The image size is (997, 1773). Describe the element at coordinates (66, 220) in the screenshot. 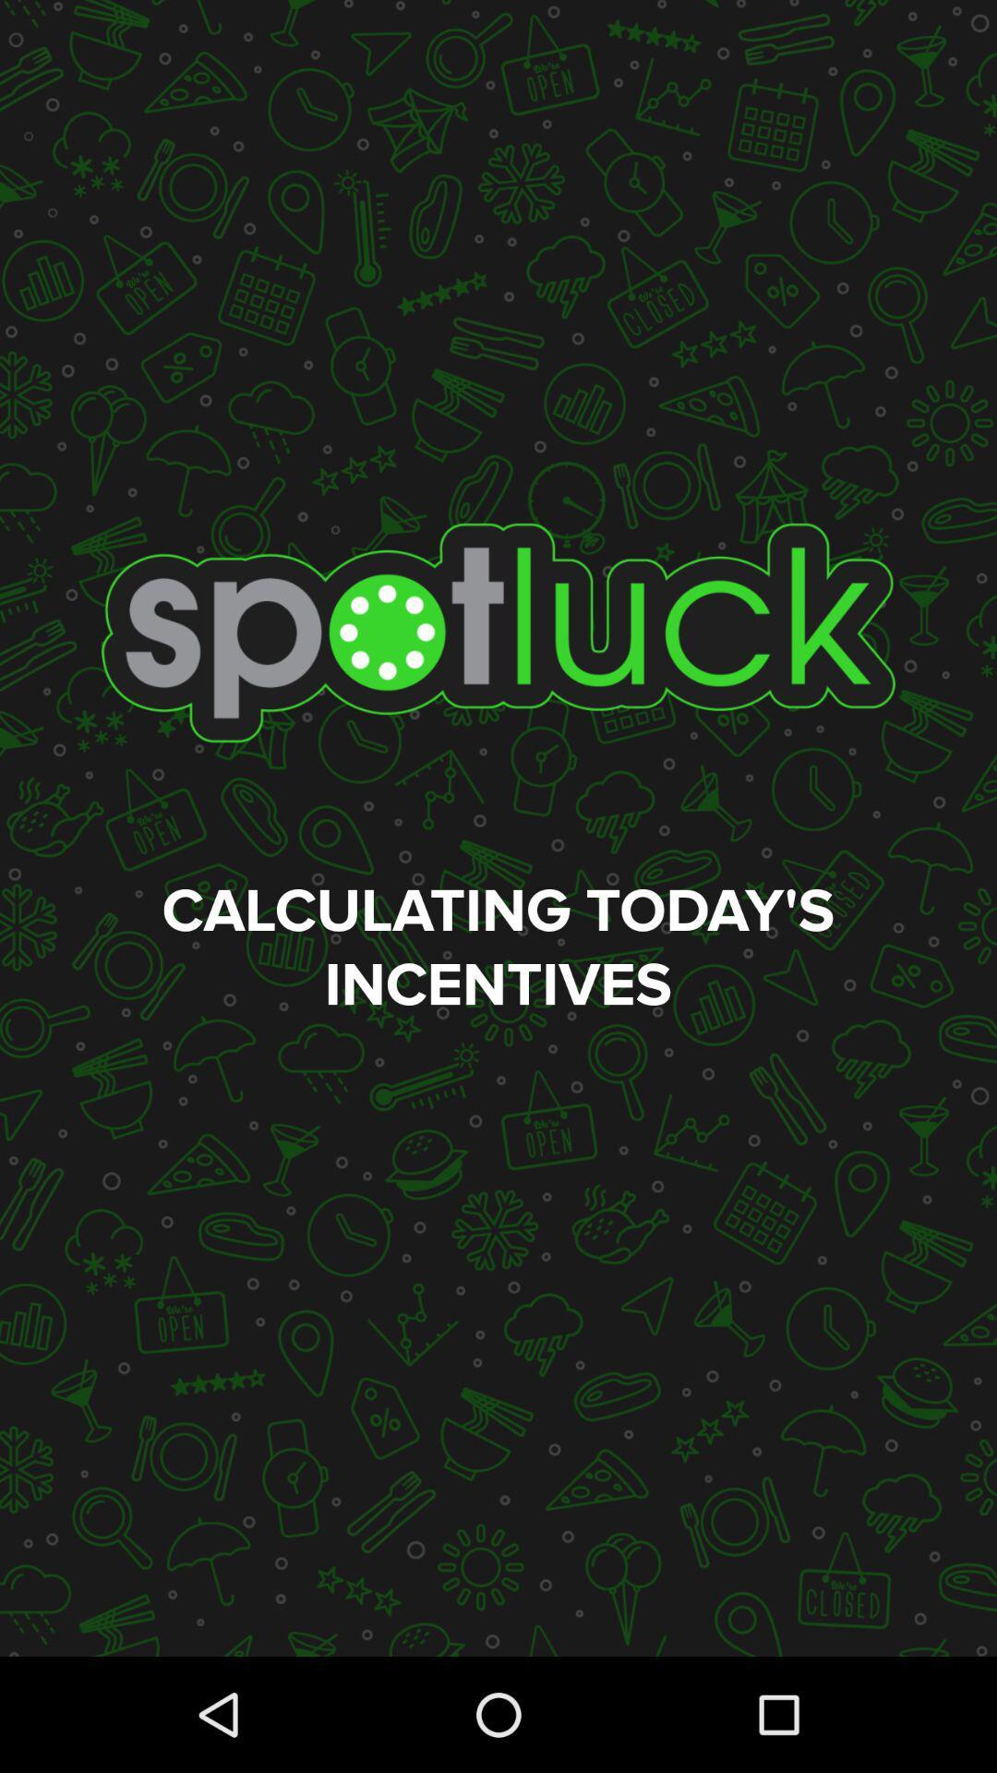

I see `the add icon` at that location.